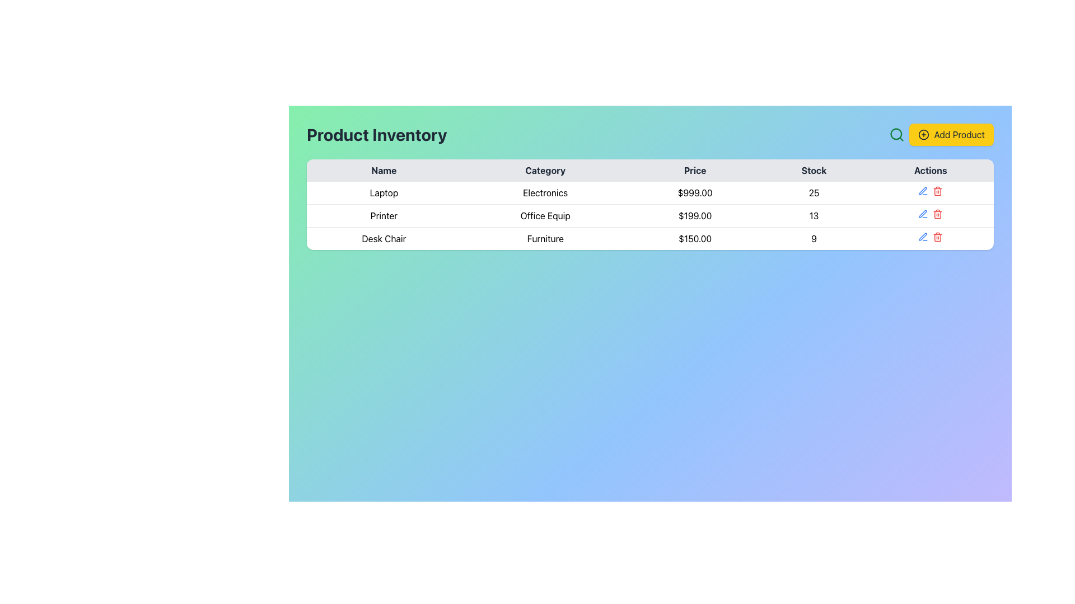  What do you see at coordinates (545, 215) in the screenshot?
I see `the text label displaying the category for the item 'Printer' located in the second row under the 'Category' column` at bounding box center [545, 215].